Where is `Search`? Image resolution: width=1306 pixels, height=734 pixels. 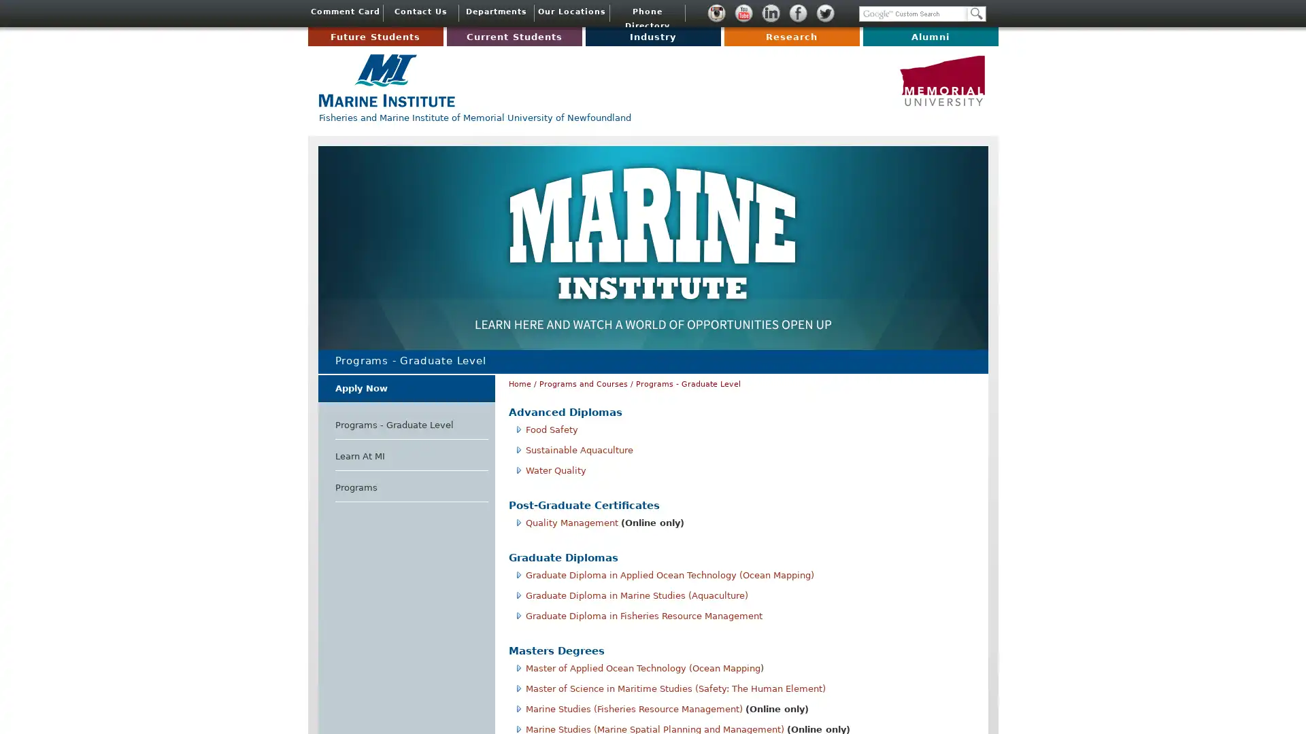 Search is located at coordinates (975, 14).